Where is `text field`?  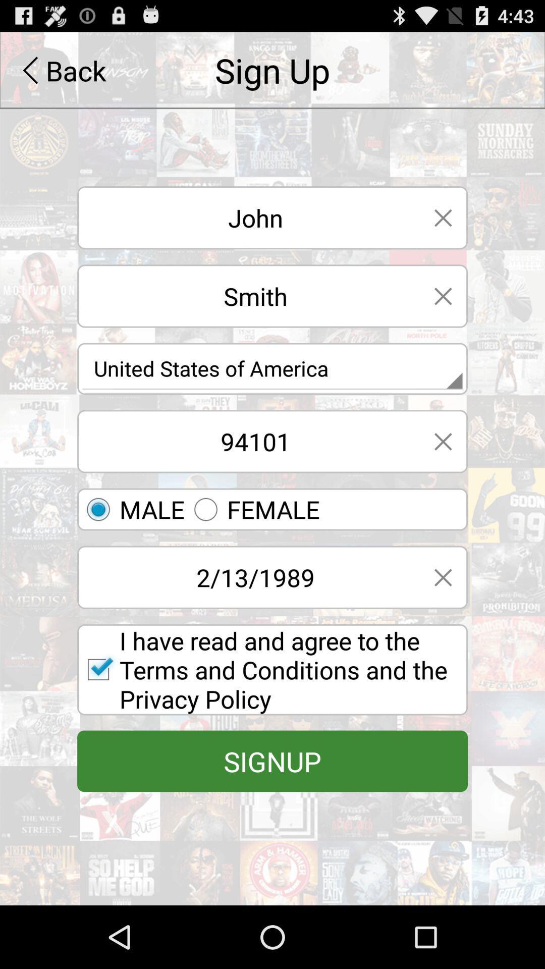 text field is located at coordinates (443, 441).